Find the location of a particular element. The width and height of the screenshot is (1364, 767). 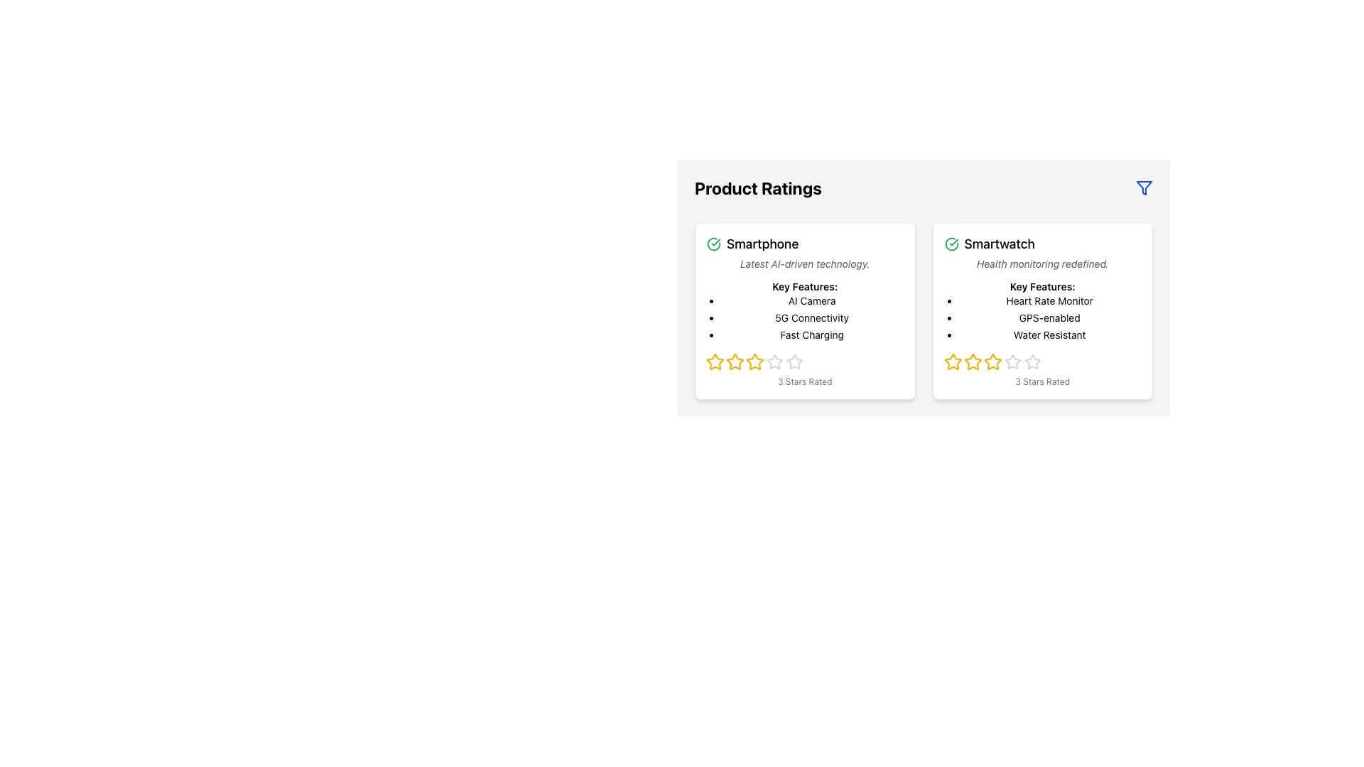

the fifth inactive star icon in the star rating system for the product 'Smartwatch' is located at coordinates (1032, 361).